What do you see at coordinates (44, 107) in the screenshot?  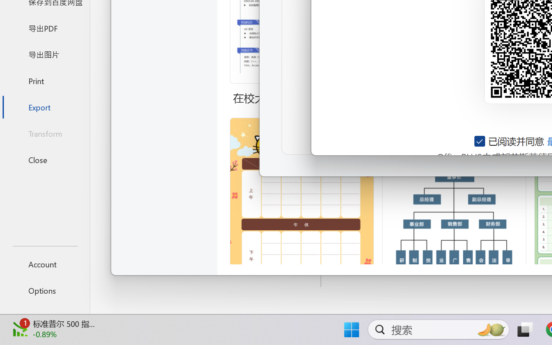 I see `'Export'` at bounding box center [44, 107].